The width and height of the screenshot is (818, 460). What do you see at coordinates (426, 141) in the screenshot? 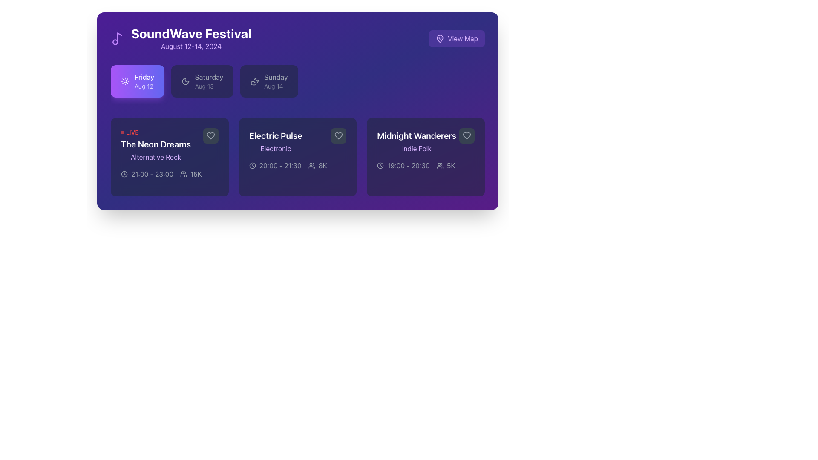
I see `text content of the title and genre description label located in the middle section of the 'Midnight Wanderers' card, positioned between the heart icon on the right and a blank space on the left` at bounding box center [426, 141].